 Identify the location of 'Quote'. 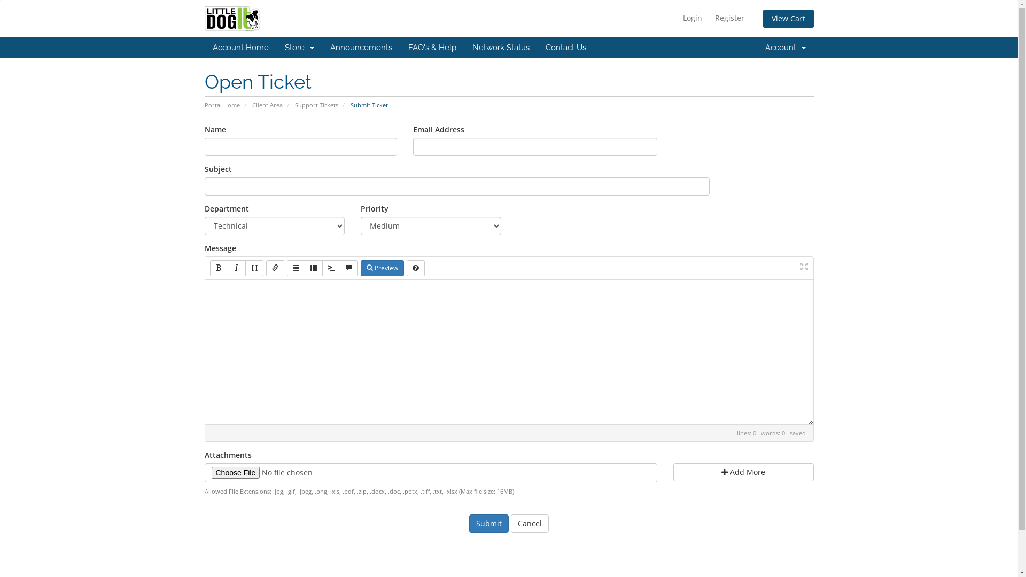
(348, 267).